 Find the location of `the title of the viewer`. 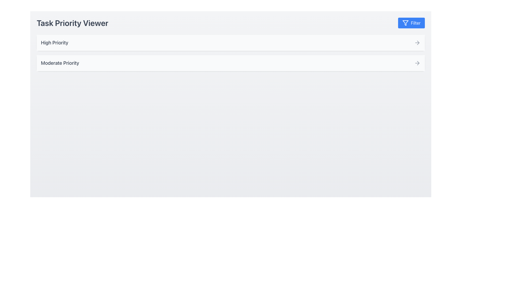

the title of the viewer is located at coordinates (231, 22).